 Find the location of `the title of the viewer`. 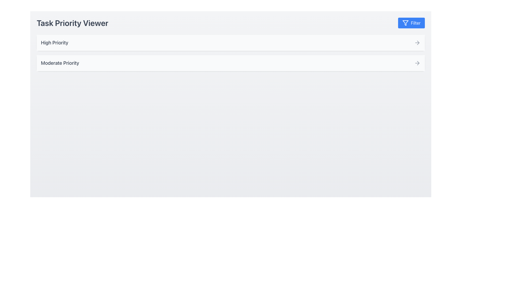

the title of the viewer is located at coordinates (231, 22).